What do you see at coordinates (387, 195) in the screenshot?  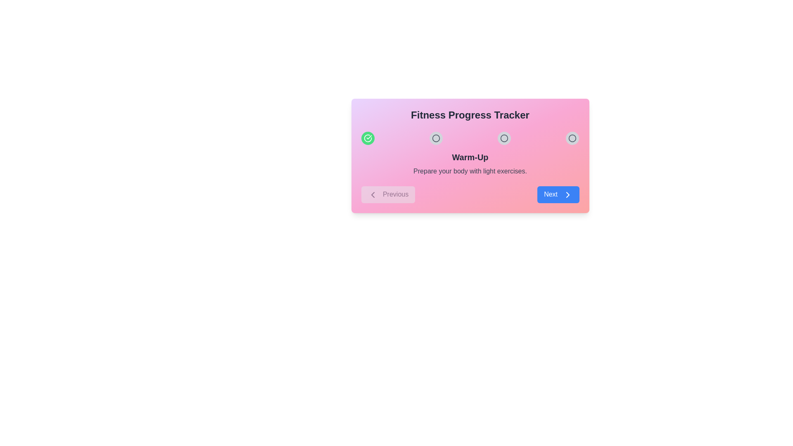 I see `the 'Previous' button, which is a rectangular button with rounded corners, light gray background, grey text reading 'Previous', and a leftward arrow icon, located at the bottom left of the interface` at bounding box center [387, 195].